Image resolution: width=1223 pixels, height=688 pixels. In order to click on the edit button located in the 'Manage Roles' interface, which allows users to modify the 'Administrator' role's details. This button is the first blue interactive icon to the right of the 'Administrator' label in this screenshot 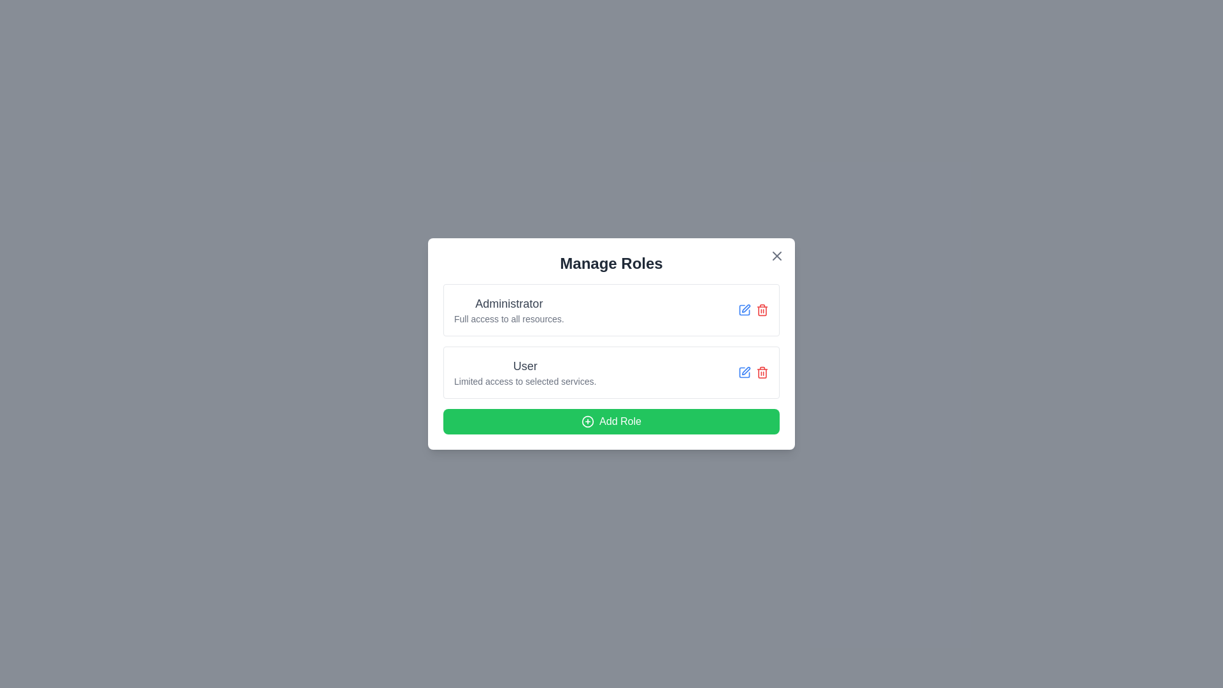, I will do `click(745, 310)`.